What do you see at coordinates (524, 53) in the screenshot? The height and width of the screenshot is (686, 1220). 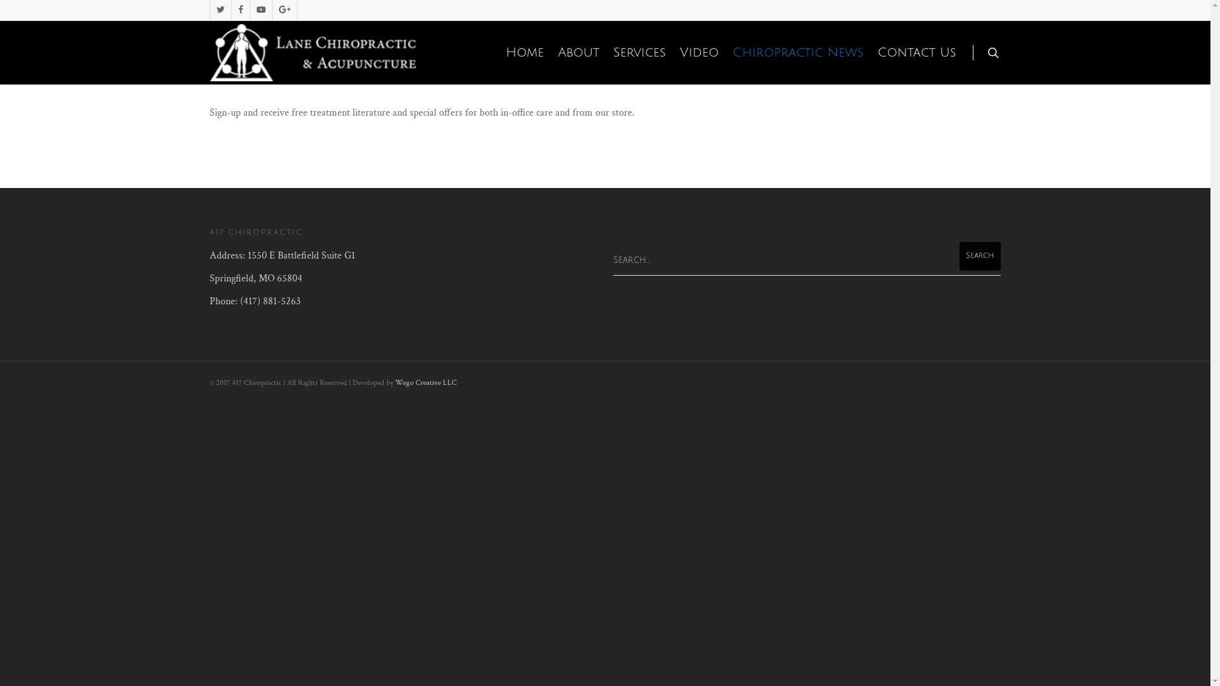 I see `'Home'` at bounding box center [524, 53].